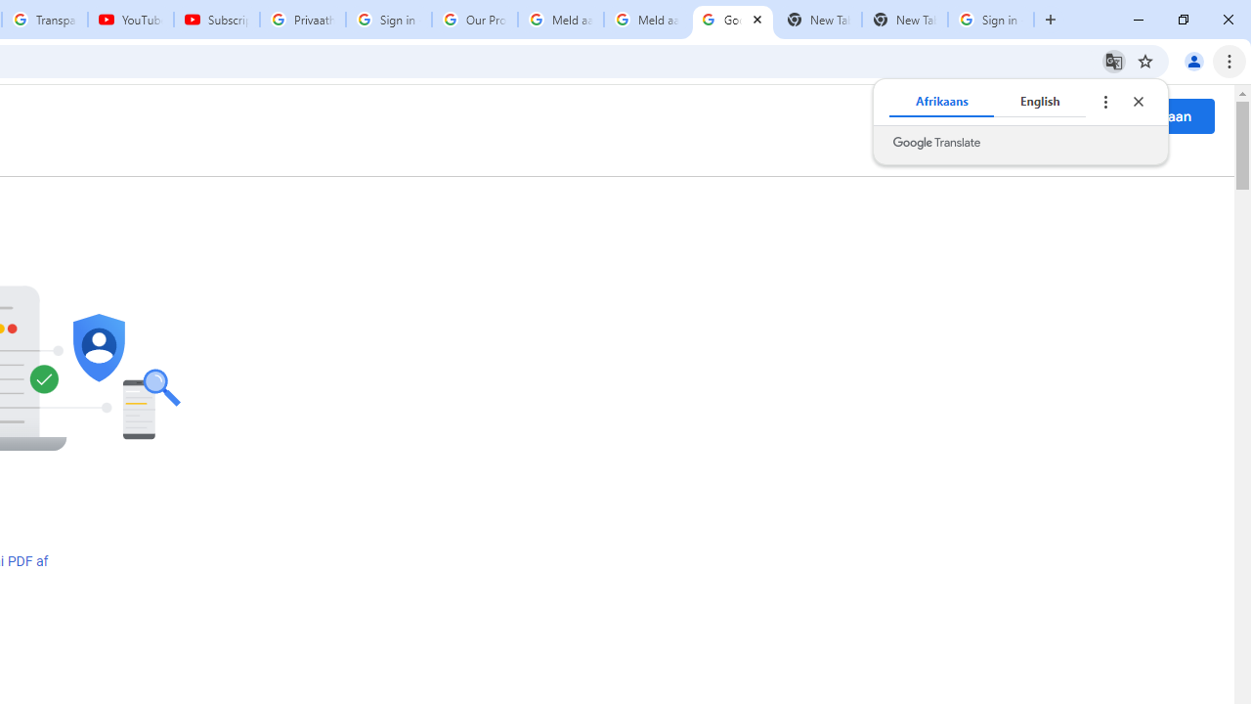 Image resolution: width=1251 pixels, height=704 pixels. Describe the element at coordinates (1161, 115) in the screenshot. I see `'Meld aan'` at that location.